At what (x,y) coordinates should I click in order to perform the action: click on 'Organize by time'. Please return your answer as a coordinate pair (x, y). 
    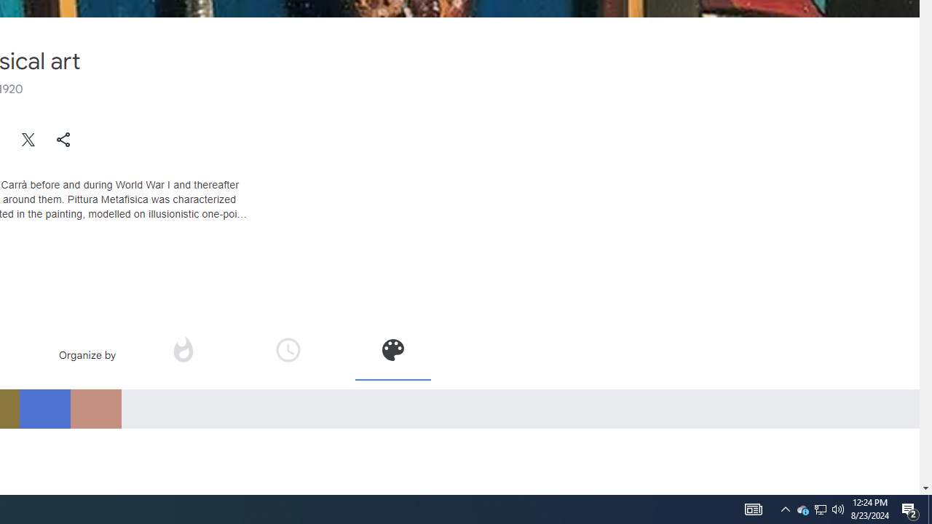
    Looking at the image, I should click on (288, 349).